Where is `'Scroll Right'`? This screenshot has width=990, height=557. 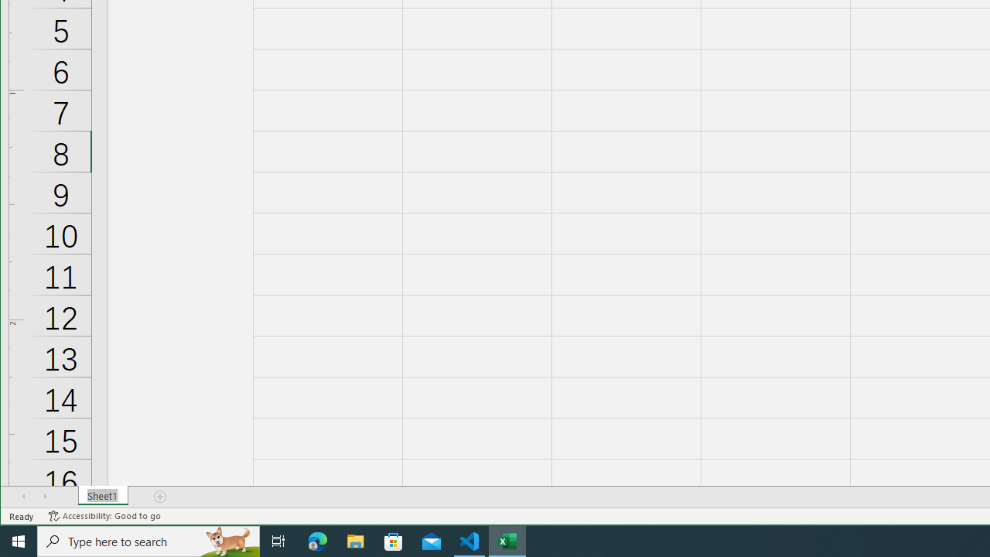
'Scroll Right' is located at coordinates (45, 496).